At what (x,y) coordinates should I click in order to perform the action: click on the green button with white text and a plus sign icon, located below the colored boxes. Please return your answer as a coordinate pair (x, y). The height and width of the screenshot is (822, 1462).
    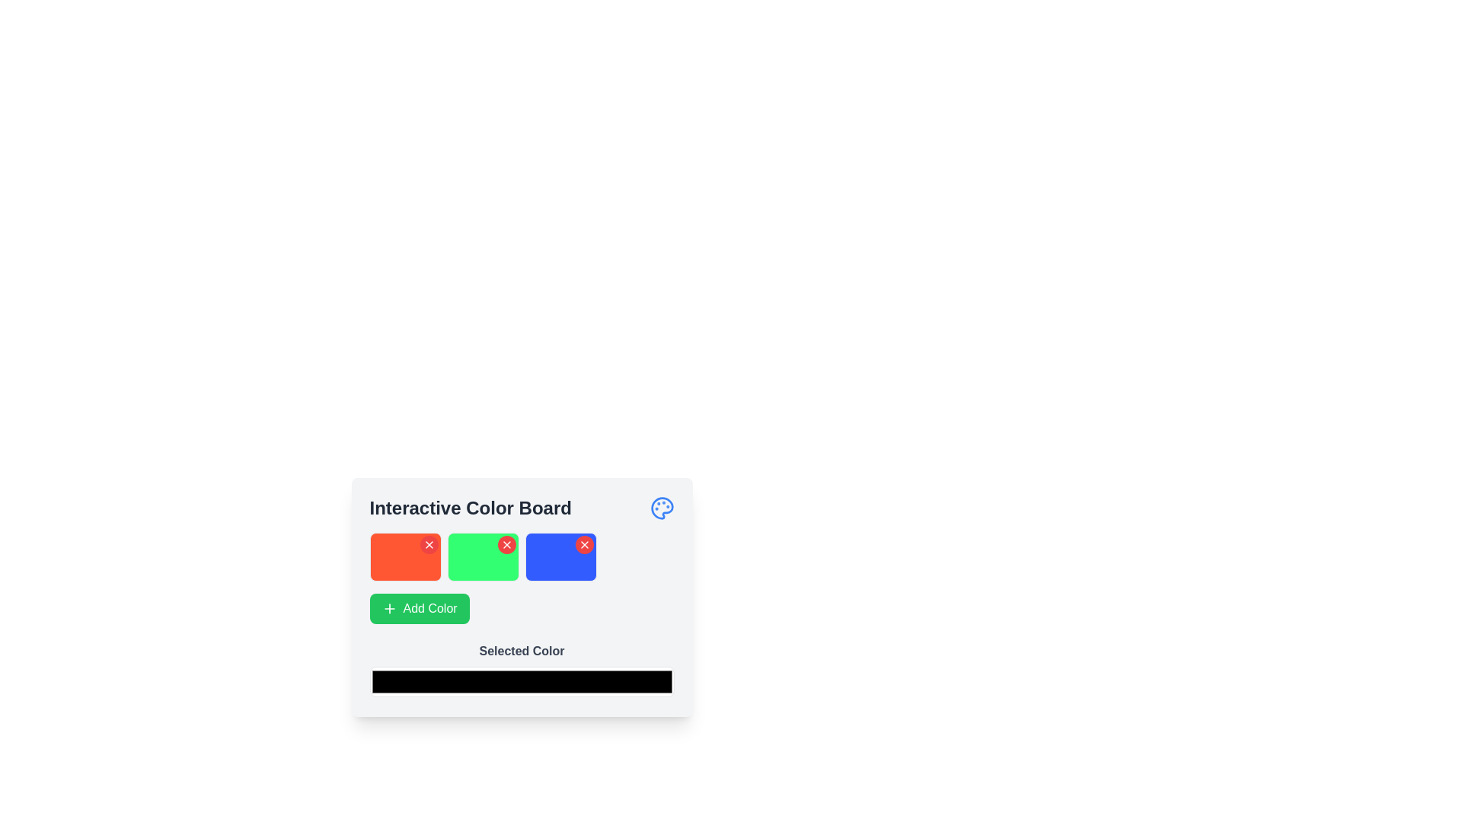
    Looking at the image, I should click on (420, 607).